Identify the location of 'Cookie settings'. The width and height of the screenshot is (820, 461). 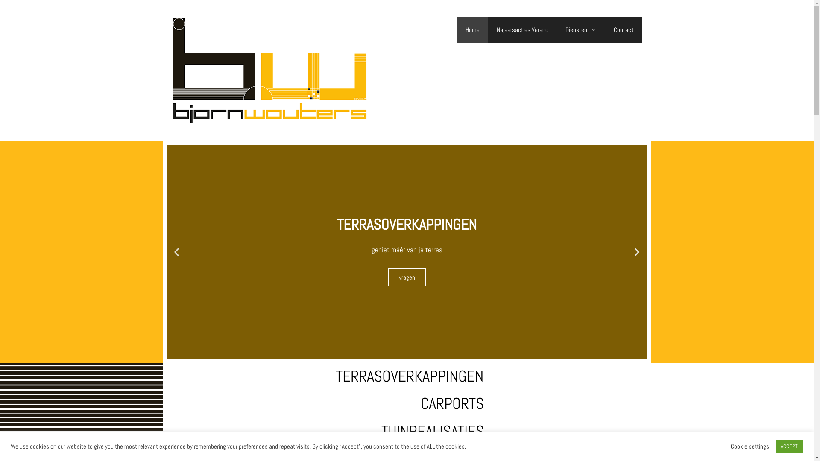
(750, 446).